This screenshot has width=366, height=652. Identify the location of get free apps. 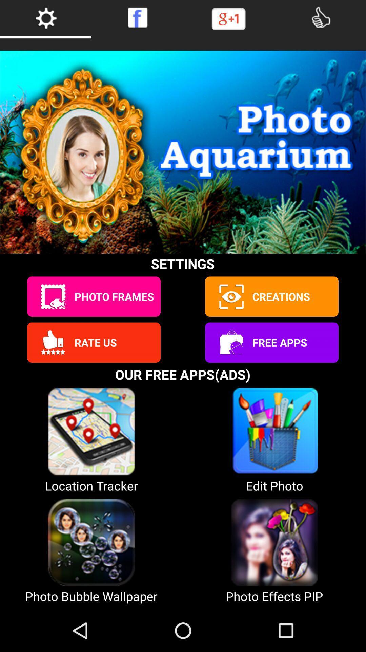
(230, 342).